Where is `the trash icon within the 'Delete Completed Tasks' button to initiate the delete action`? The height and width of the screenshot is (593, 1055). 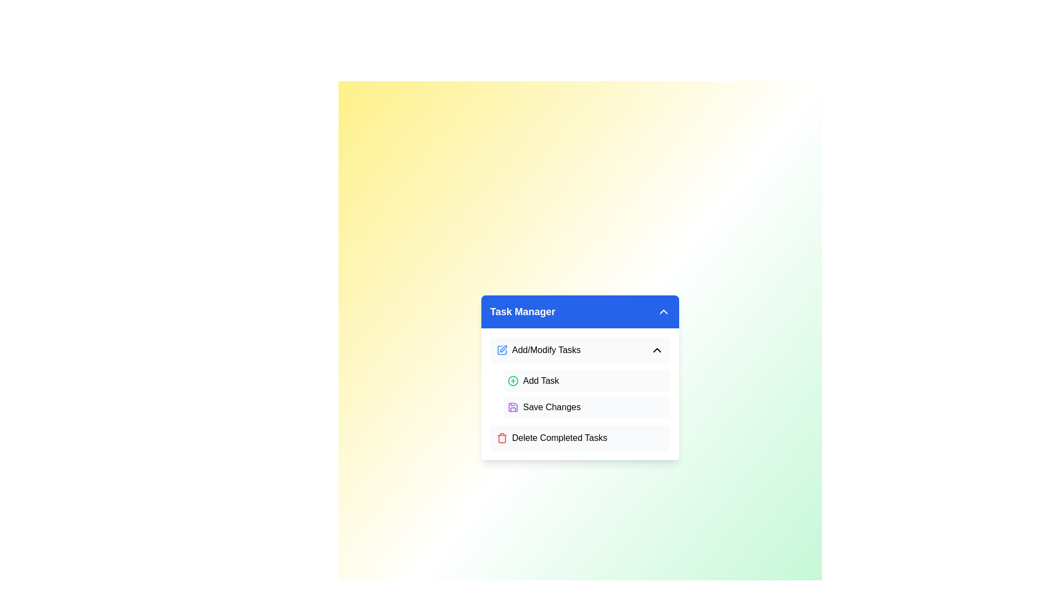
the trash icon within the 'Delete Completed Tasks' button to initiate the delete action is located at coordinates (501, 438).